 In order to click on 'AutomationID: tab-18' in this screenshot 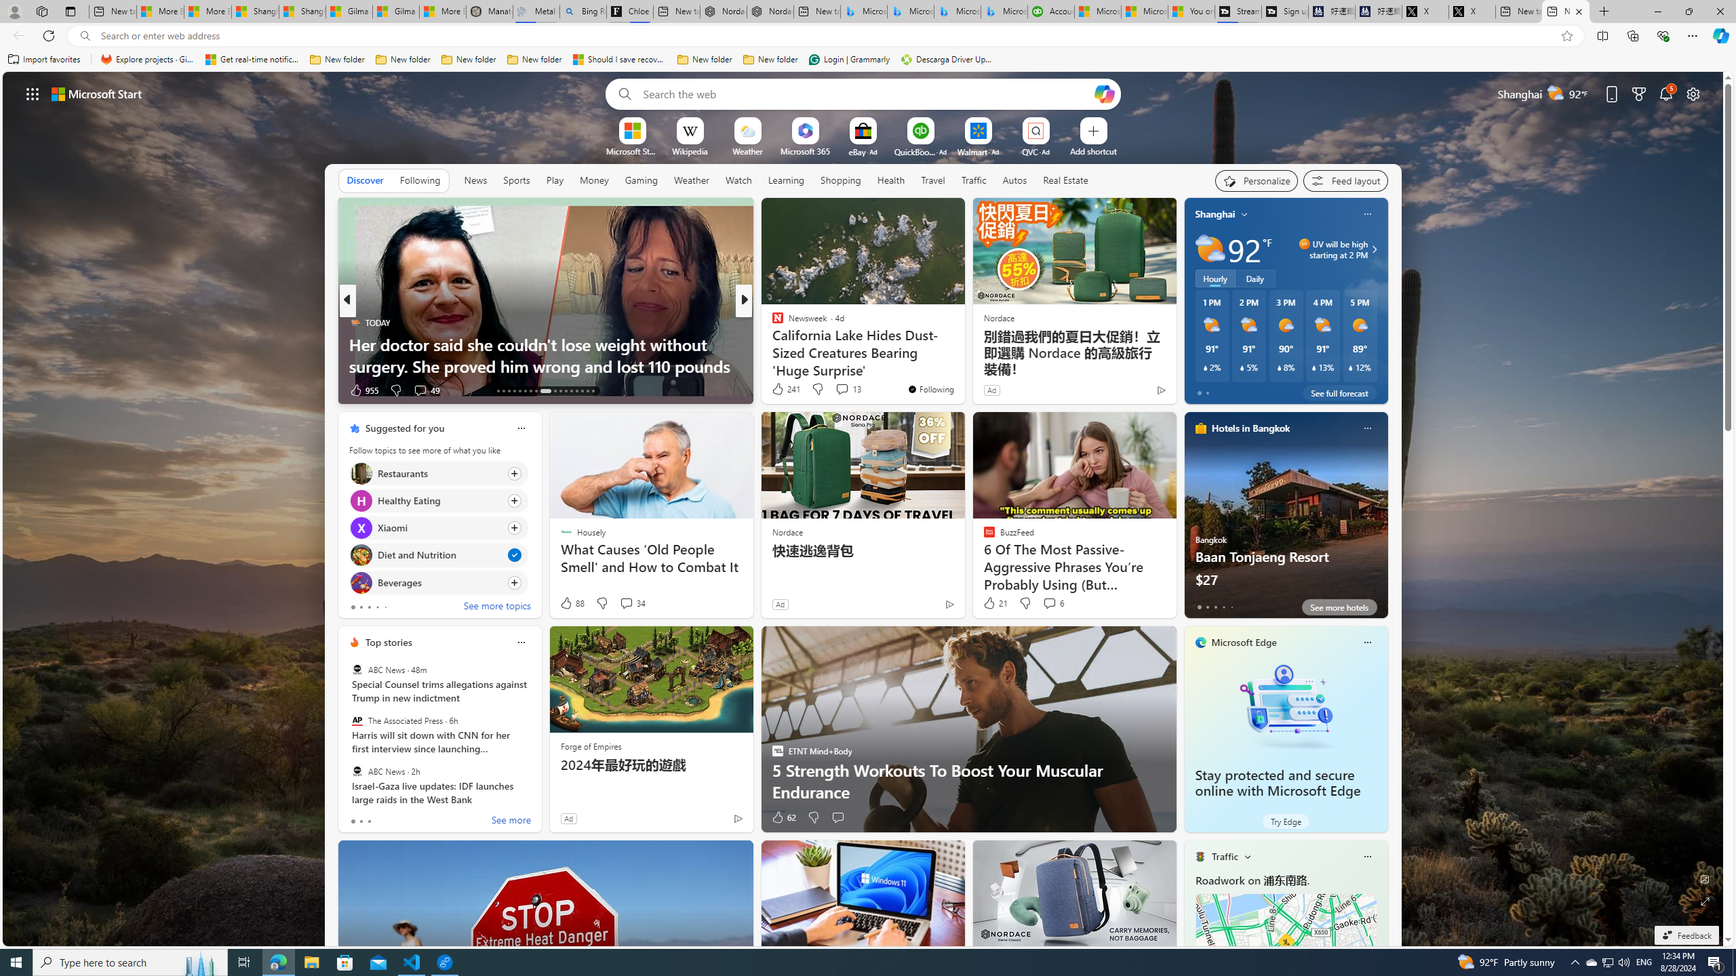, I will do `click(525, 391)`.